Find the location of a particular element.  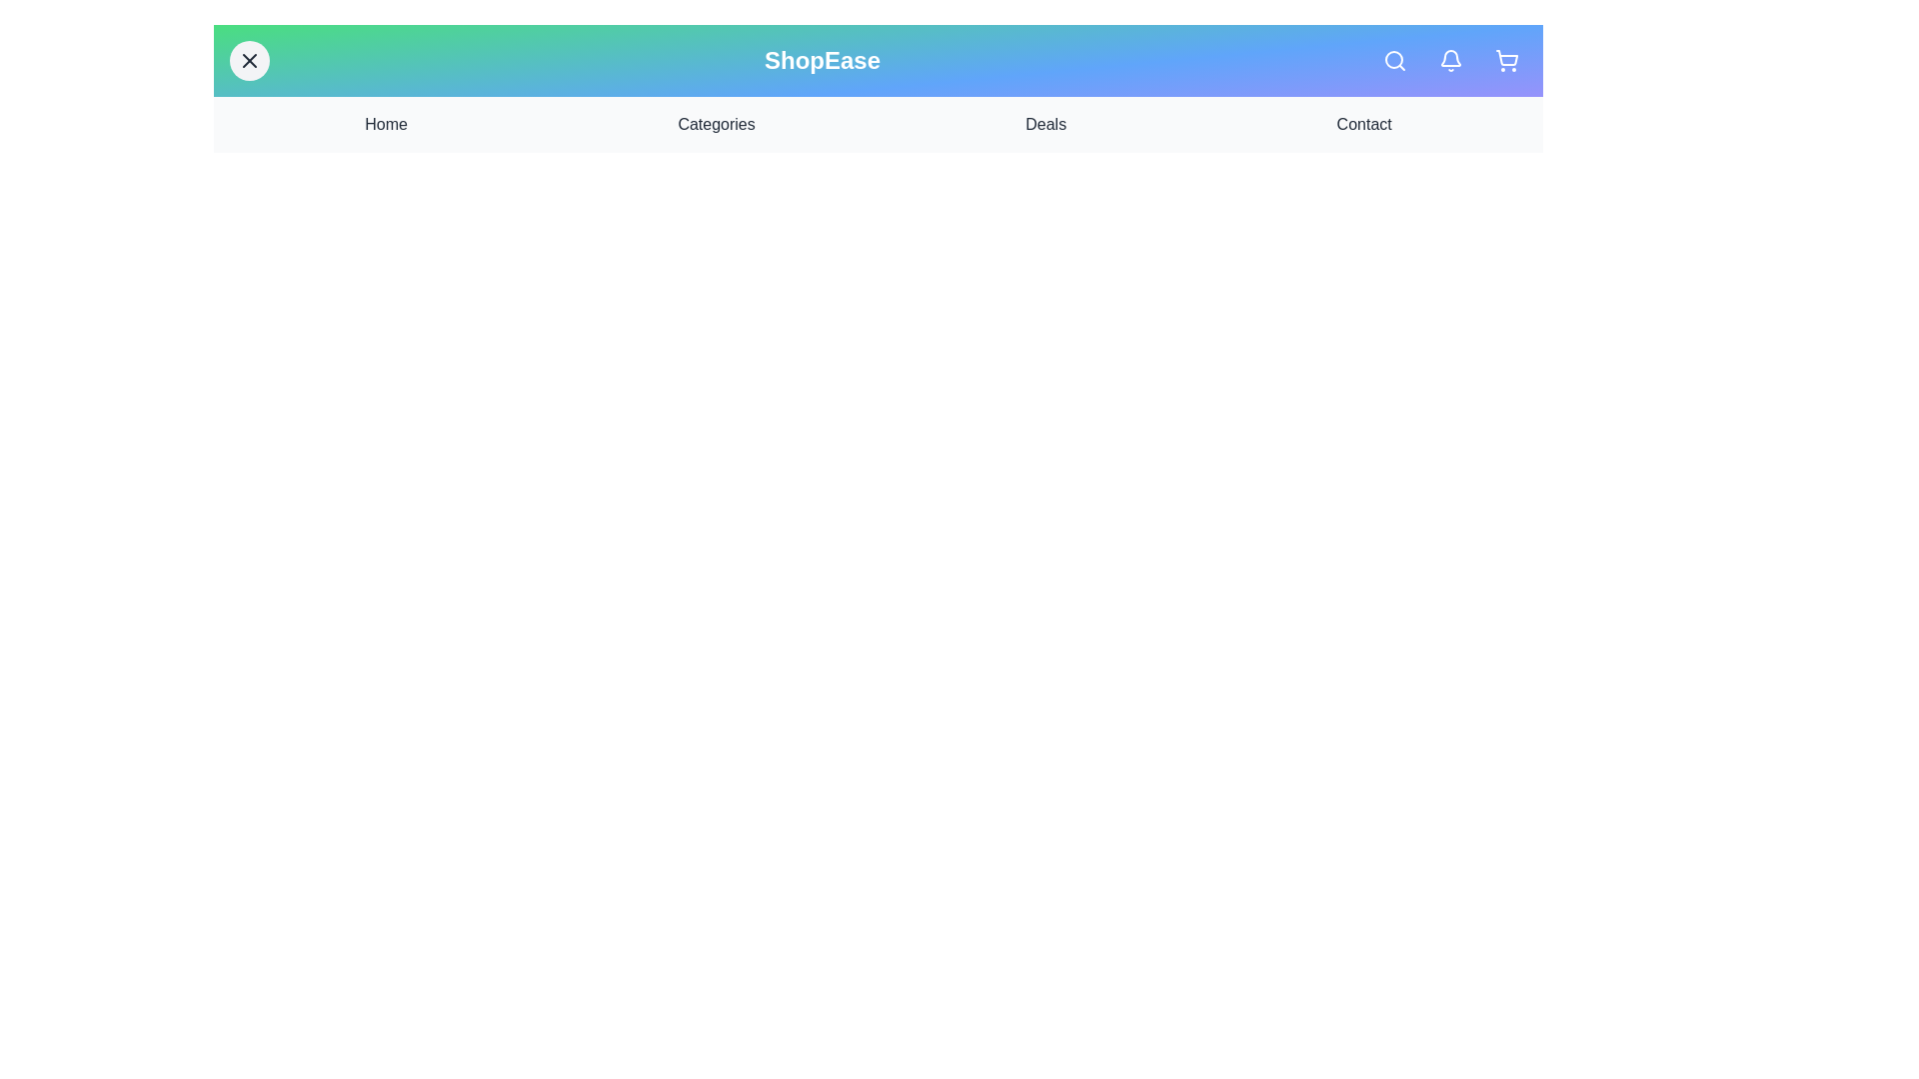

the search icon to initiate a search is located at coordinates (1394, 60).